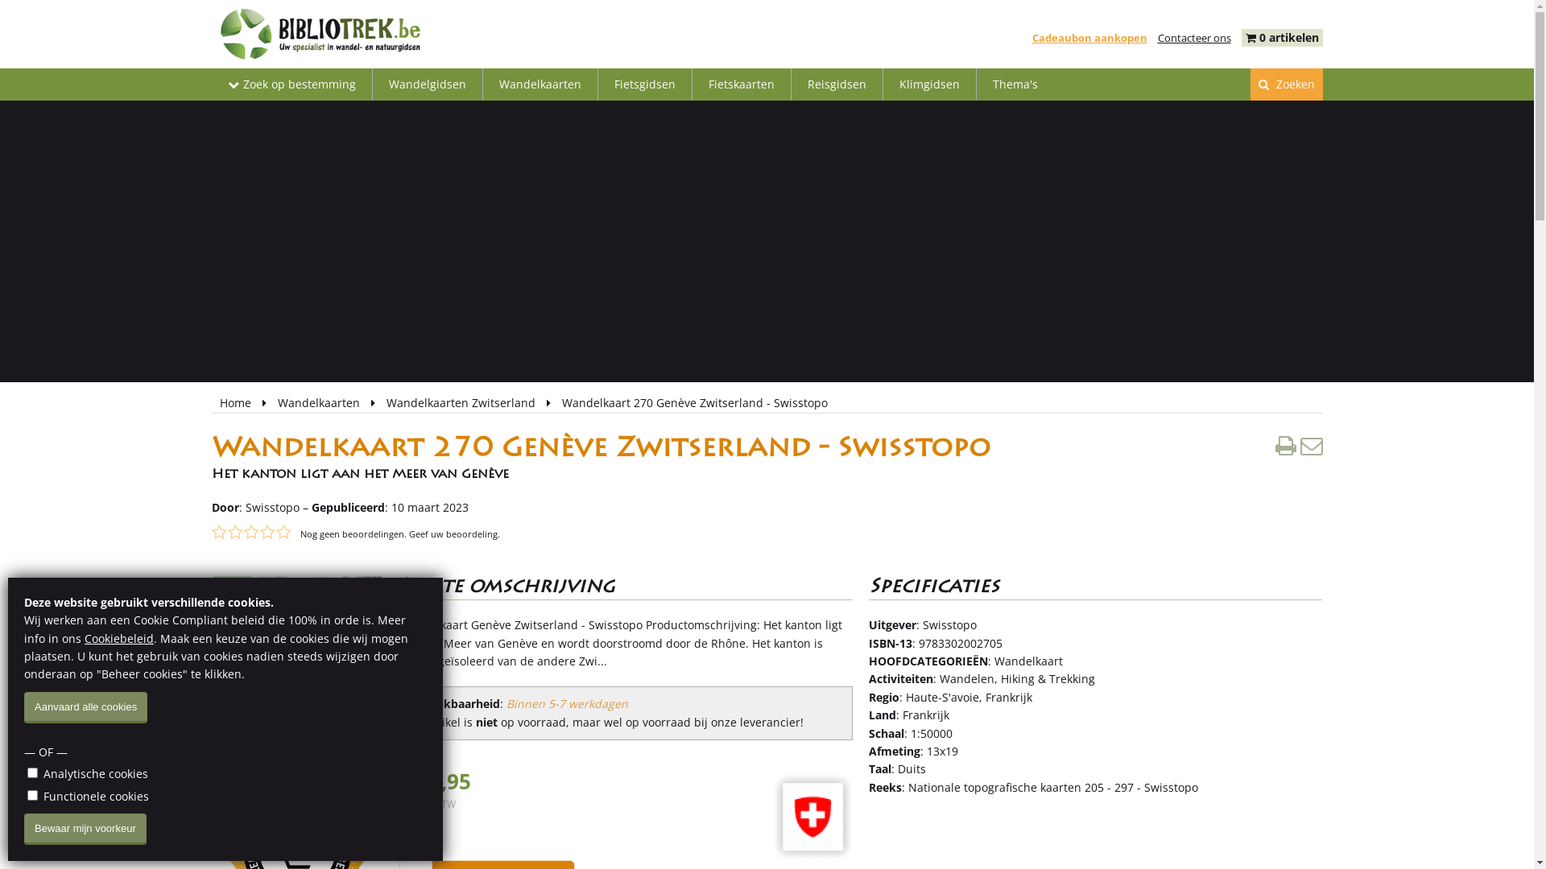  Describe the element at coordinates (320, 402) in the screenshot. I see `'Wandelkaarten'` at that location.